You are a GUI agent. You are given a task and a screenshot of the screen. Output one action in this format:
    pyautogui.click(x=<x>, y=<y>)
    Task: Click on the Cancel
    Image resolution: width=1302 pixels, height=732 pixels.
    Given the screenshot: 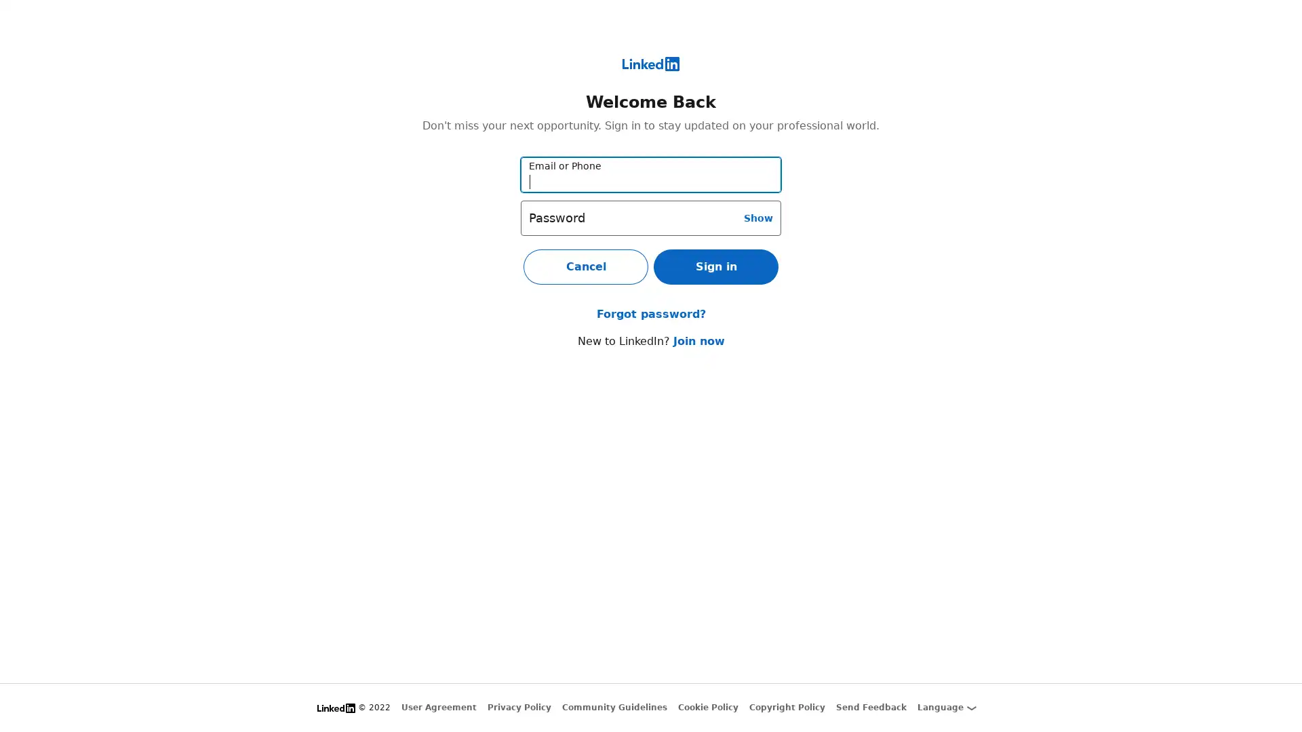 What is the action you would take?
    pyautogui.click(x=586, y=266)
    